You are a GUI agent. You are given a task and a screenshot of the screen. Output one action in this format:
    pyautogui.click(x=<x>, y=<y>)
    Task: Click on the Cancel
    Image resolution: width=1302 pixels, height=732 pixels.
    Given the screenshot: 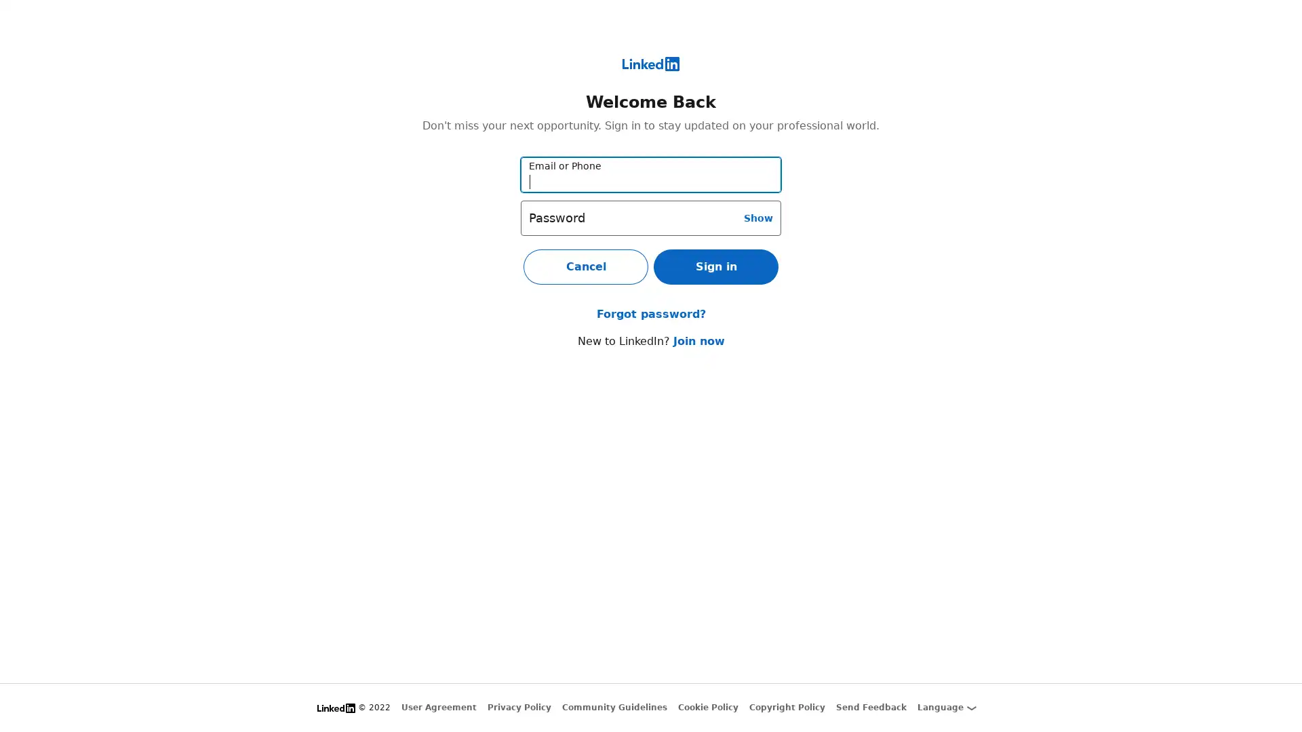 What is the action you would take?
    pyautogui.click(x=586, y=266)
    